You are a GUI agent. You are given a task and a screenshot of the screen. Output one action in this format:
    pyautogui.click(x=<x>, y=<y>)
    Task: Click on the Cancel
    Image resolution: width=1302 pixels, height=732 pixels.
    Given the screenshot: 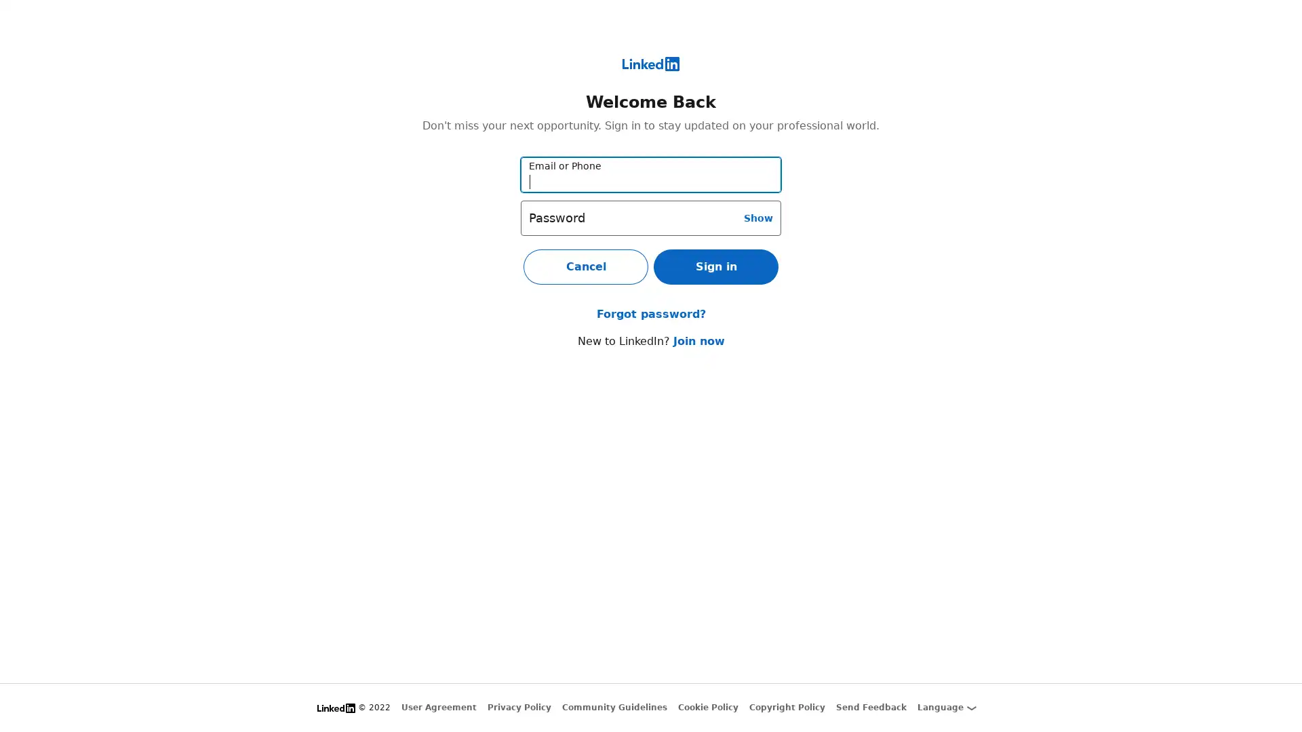 What is the action you would take?
    pyautogui.click(x=586, y=266)
    